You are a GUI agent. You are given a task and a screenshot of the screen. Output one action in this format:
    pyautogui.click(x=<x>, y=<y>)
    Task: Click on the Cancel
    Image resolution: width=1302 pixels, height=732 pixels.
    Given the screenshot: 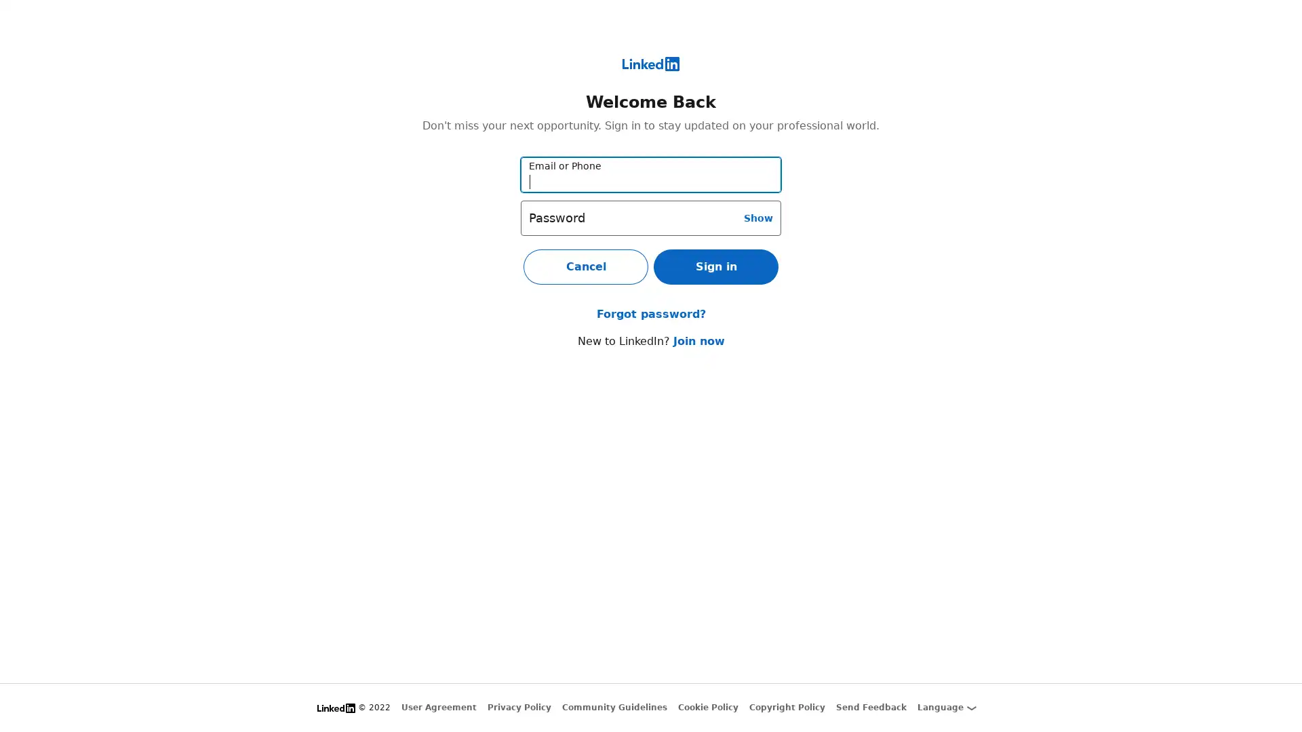 What is the action you would take?
    pyautogui.click(x=586, y=266)
    